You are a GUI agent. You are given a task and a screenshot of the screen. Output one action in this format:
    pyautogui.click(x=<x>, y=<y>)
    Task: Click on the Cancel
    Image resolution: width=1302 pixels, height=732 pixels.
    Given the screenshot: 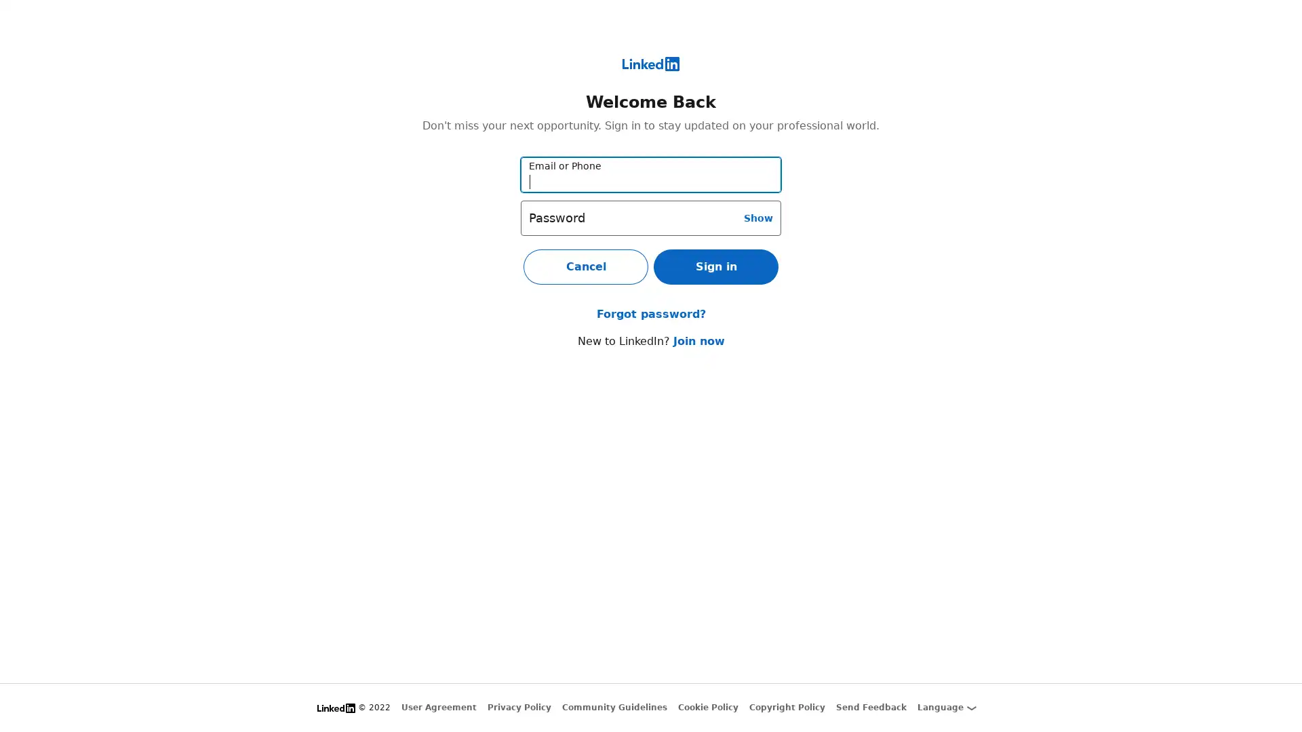 What is the action you would take?
    pyautogui.click(x=586, y=266)
    